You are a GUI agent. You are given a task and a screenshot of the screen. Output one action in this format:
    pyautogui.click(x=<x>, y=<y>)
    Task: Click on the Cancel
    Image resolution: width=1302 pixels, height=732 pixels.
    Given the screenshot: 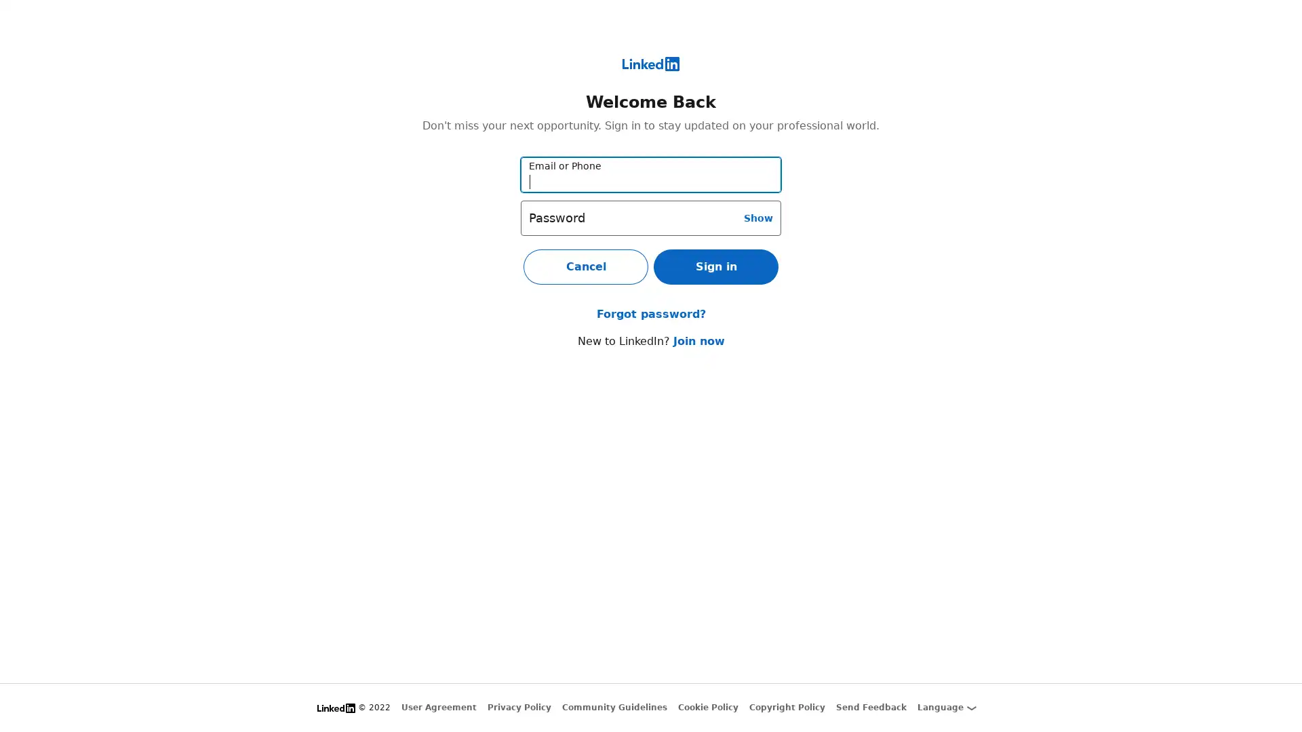 What is the action you would take?
    pyautogui.click(x=586, y=266)
    